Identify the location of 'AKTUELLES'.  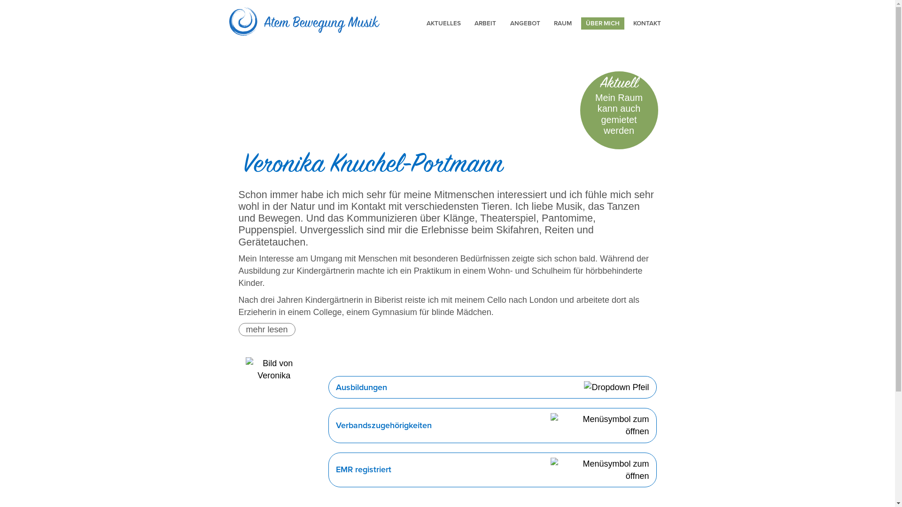
(443, 23).